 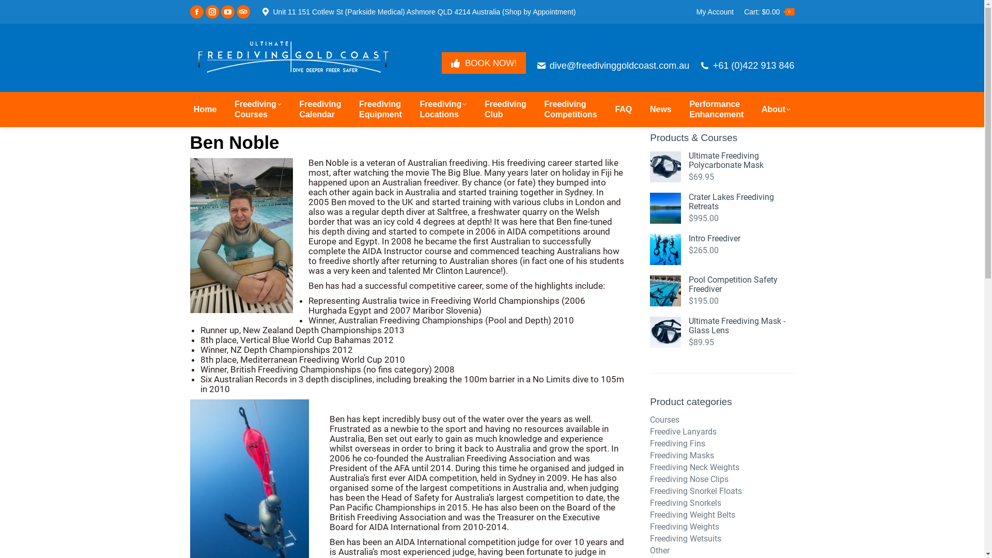 What do you see at coordinates (649, 443) in the screenshot?
I see `'Freediving Fins'` at bounding box center [649, 443].